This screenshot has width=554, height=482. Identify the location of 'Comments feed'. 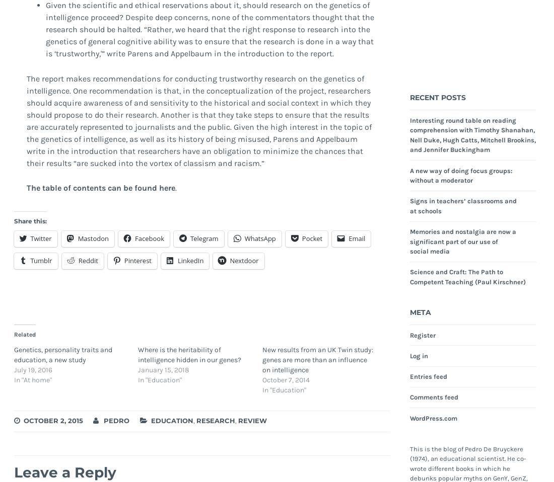
(433, 397).